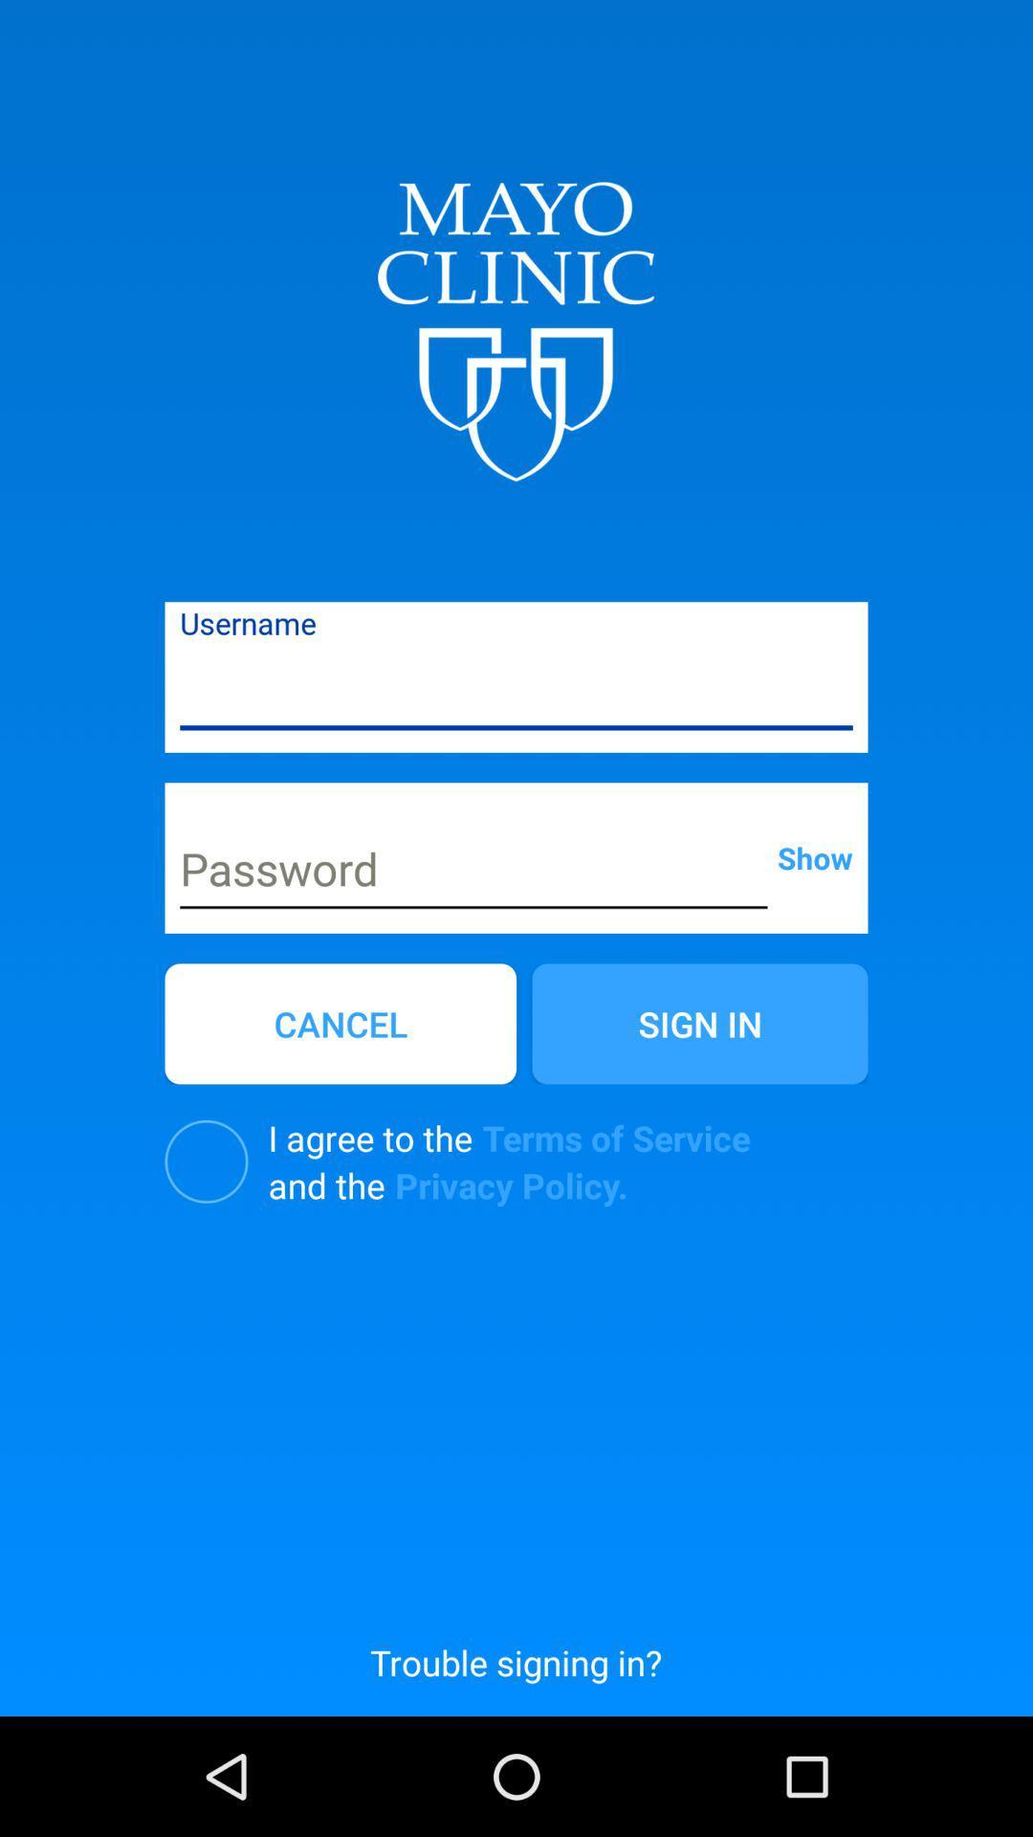 Image resolution: width=1033 pixels, height=1837 pixels. I want to click on password, so click(473, 871).